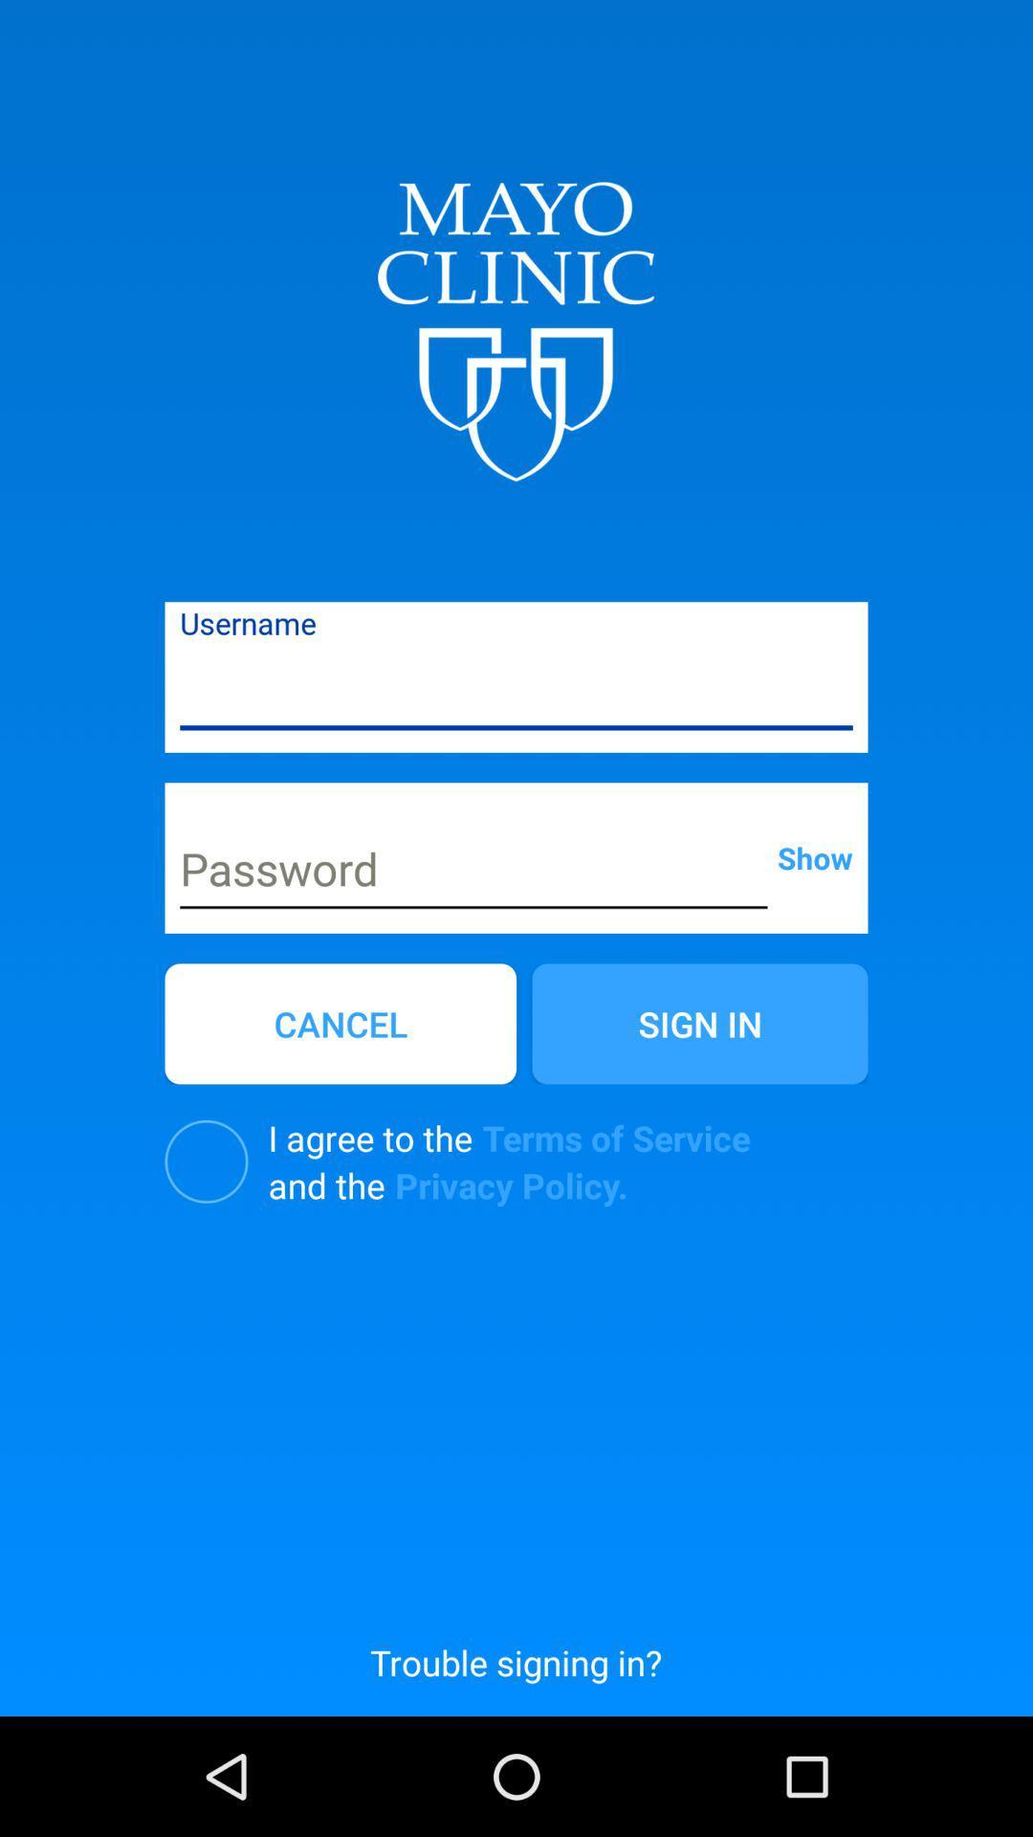 Image resolution: width=1033 pixels, height=1837 pixels. I want to click on password, so click(473, 871).